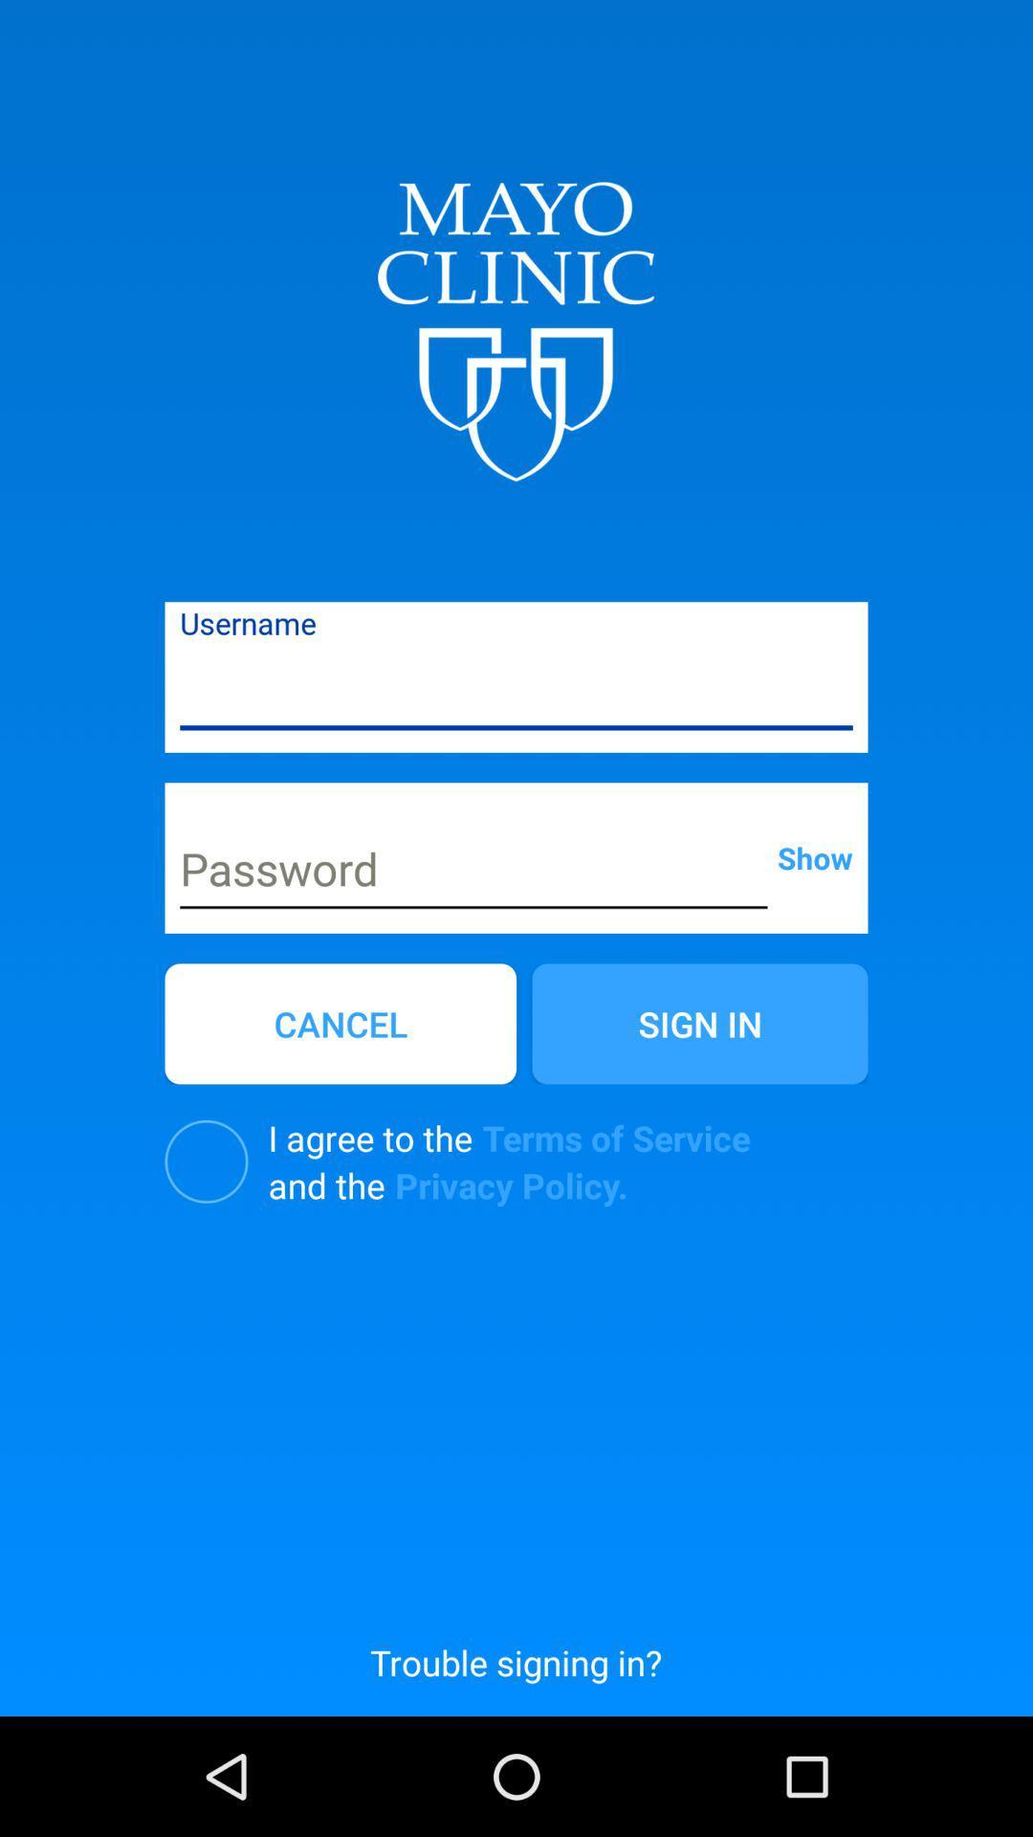 Image resolution: width=1033 pixels, height=1837 pixels. I want to click on password, so click(473, 871).